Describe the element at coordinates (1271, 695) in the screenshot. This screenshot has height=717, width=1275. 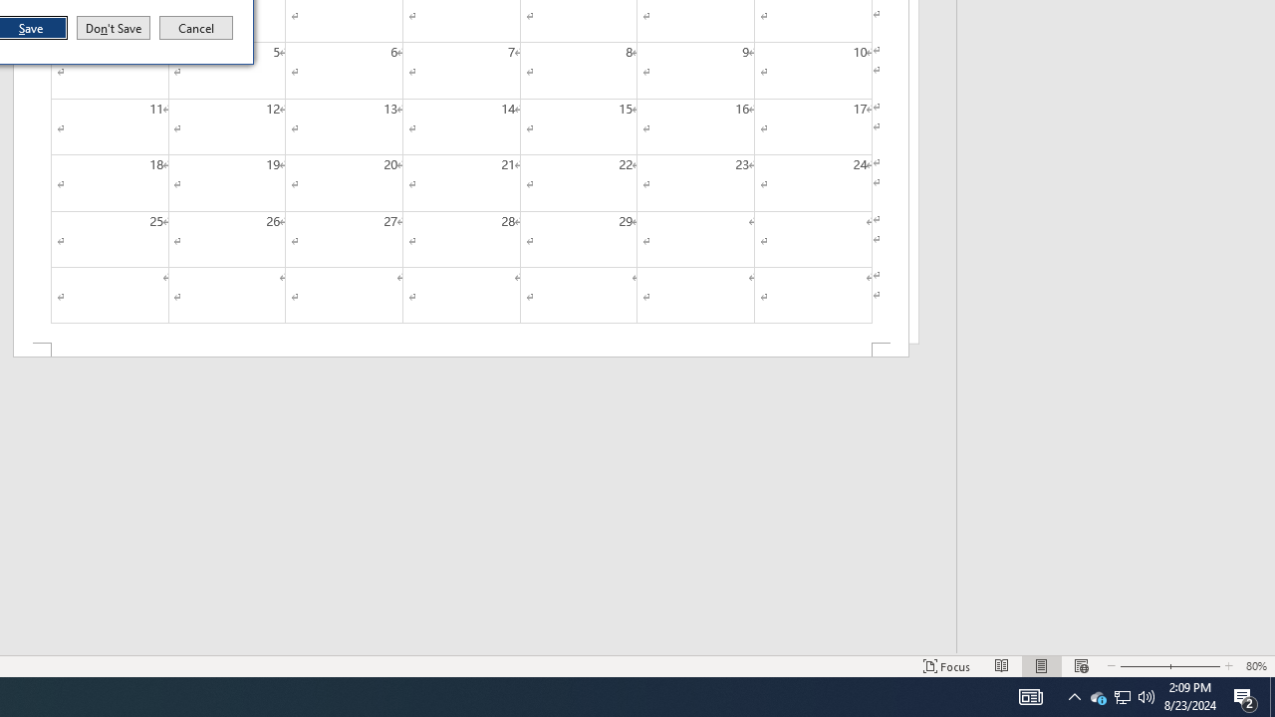
I see `'Show desktop'` at that location.